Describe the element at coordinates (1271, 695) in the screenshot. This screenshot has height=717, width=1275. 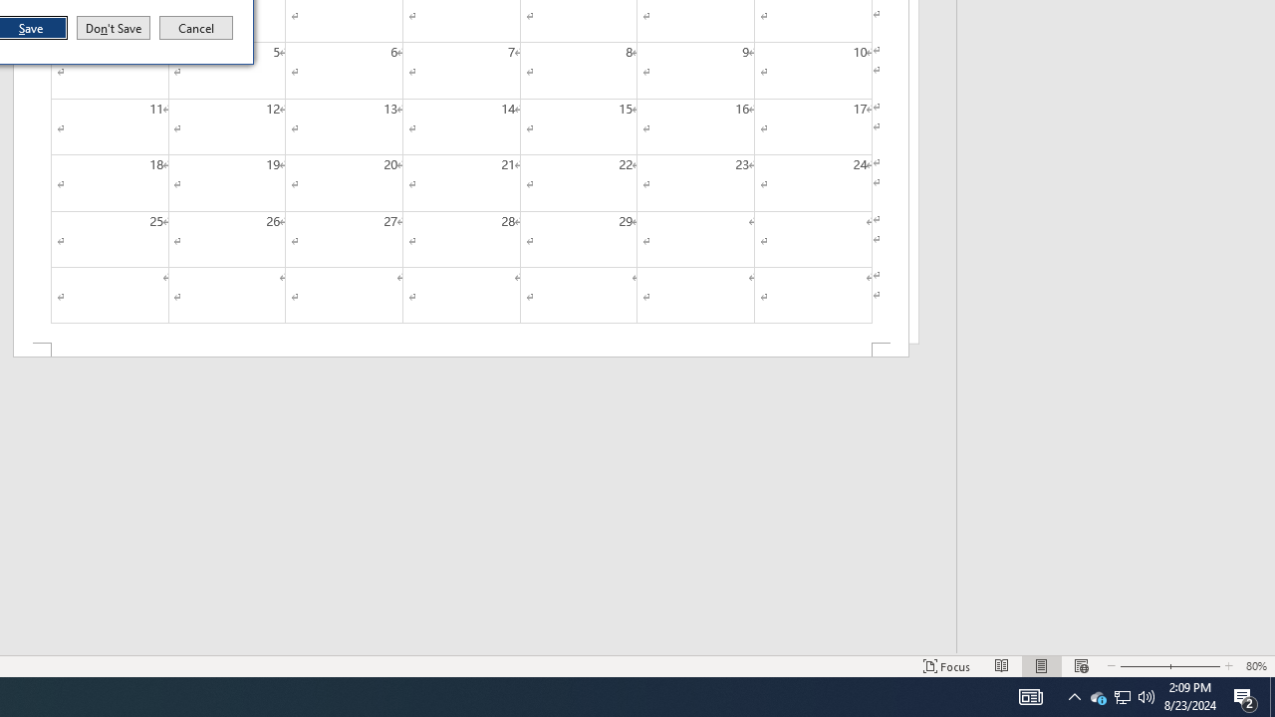
I see `'Show desktop'` at that location.